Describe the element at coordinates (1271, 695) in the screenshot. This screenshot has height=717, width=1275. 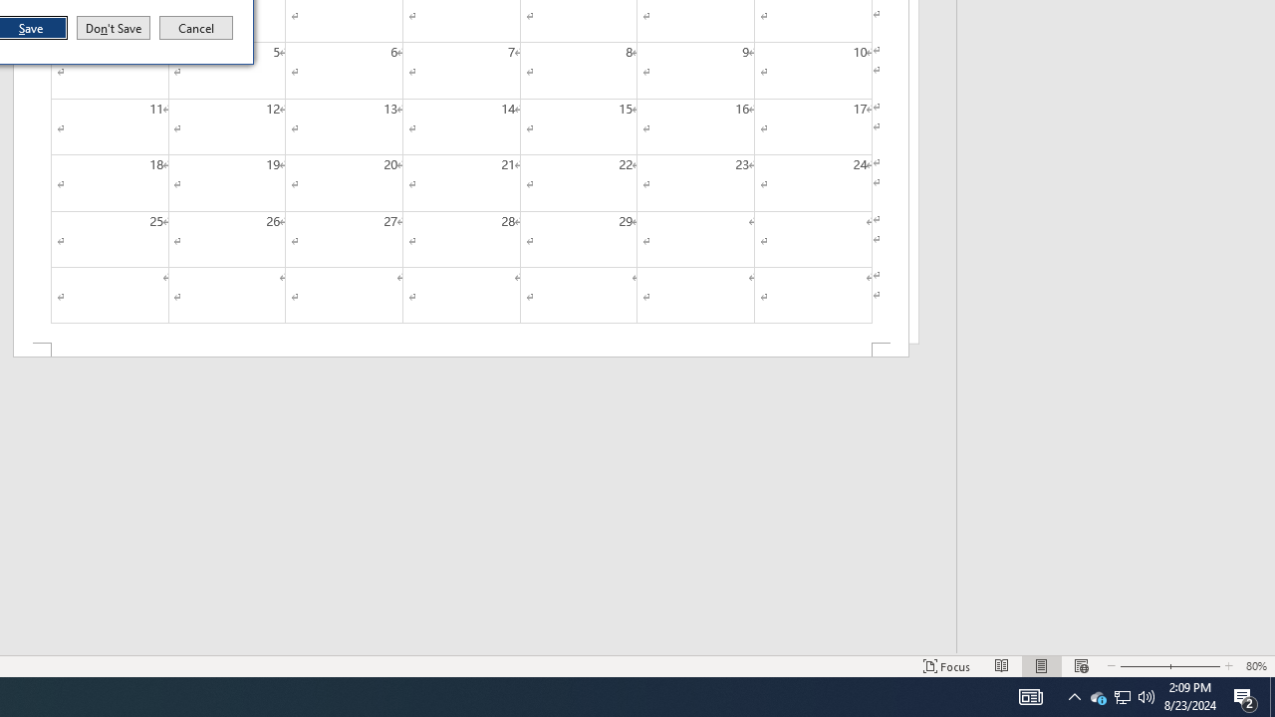
I see `'Show desktop'` at that location.